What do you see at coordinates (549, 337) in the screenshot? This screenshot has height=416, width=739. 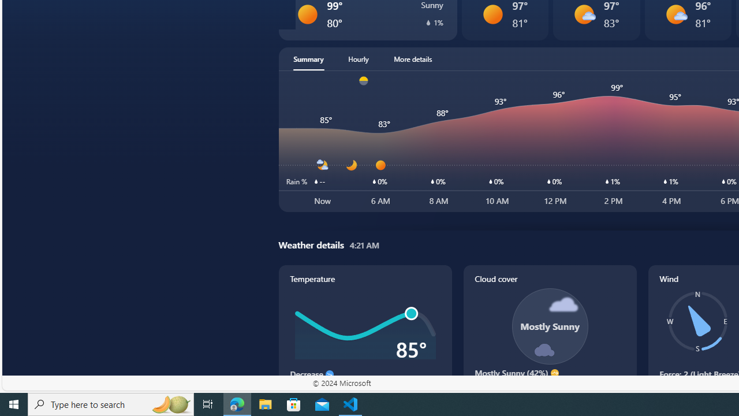 I see `'Cloud cover'` at bounding box center [549, 337].